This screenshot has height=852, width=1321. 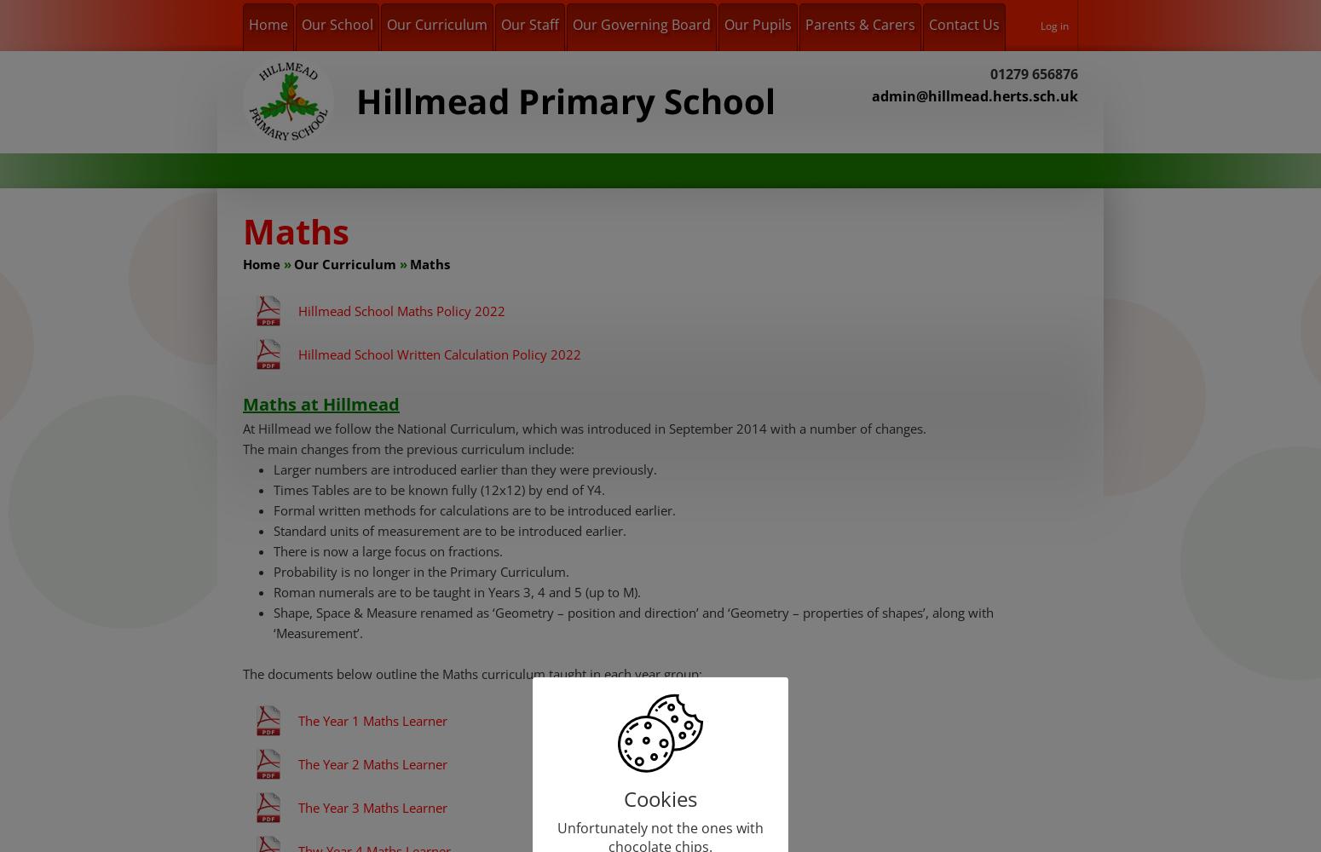 What do you see at coordinates (345, 264) in the screenshot?
I see `'Our Curriculum'` at bounding box center [345, 264].